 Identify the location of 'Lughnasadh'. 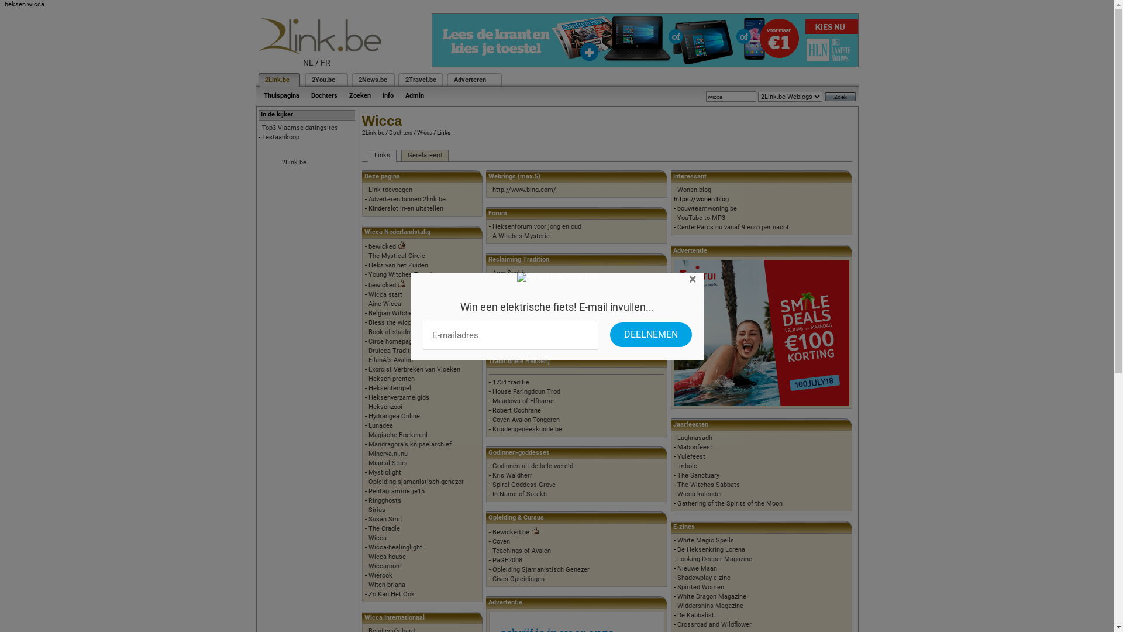
(677, 438).